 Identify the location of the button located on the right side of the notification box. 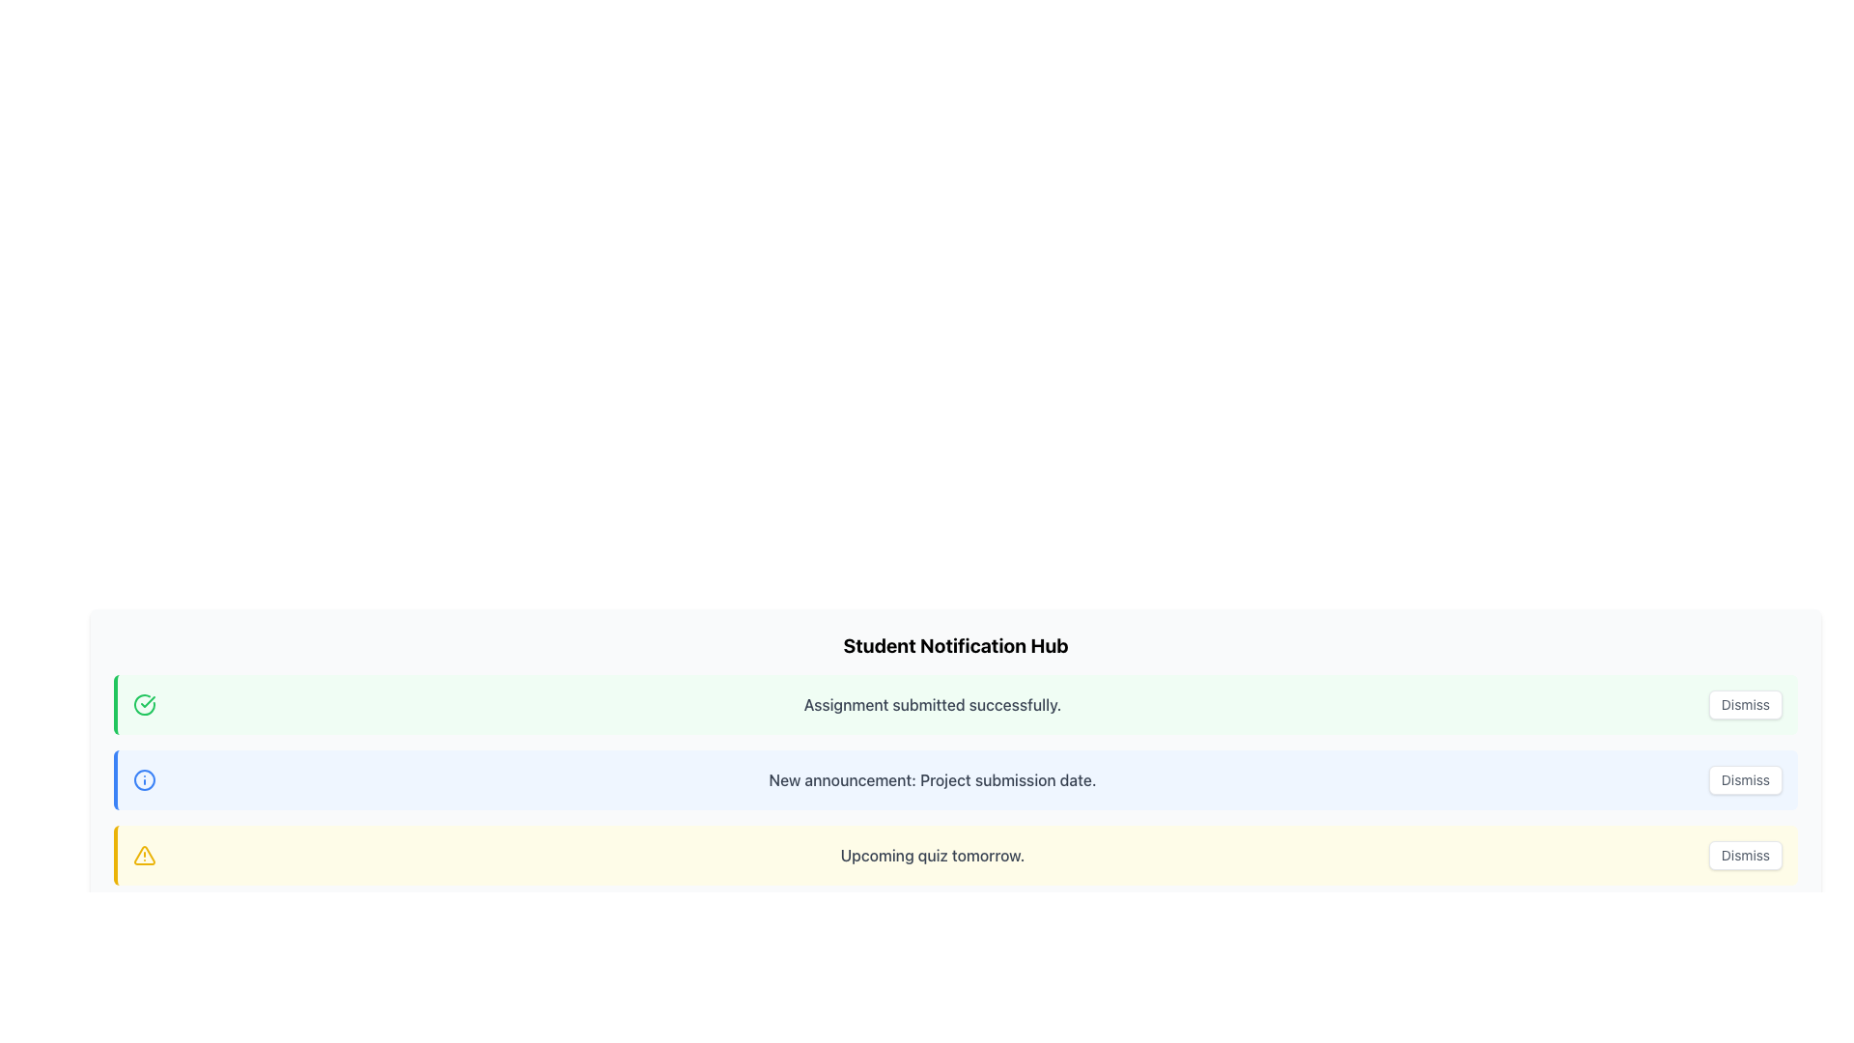
(1745, 855).